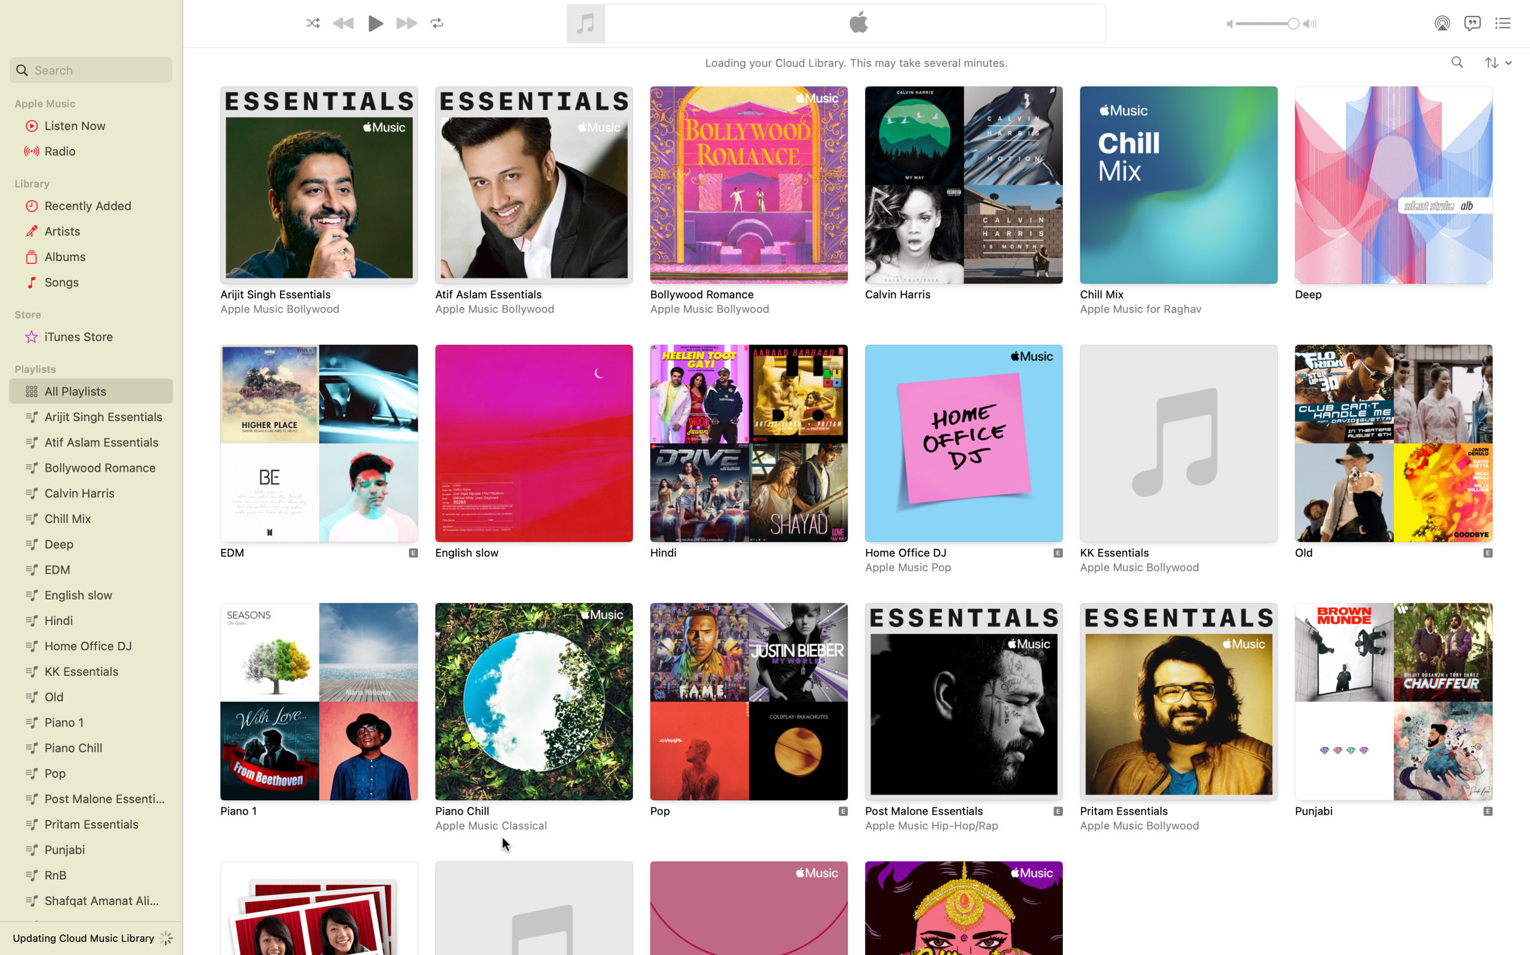 The height and width of the screenshot is (955, 1530). I want to click on the playlist named "Atif", so click(532, 202).